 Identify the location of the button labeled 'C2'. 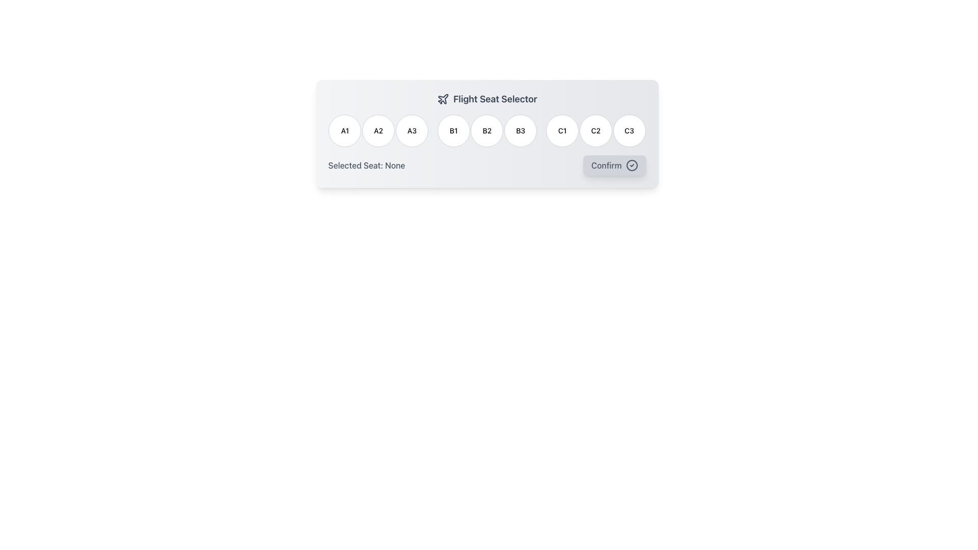
(595, 130).